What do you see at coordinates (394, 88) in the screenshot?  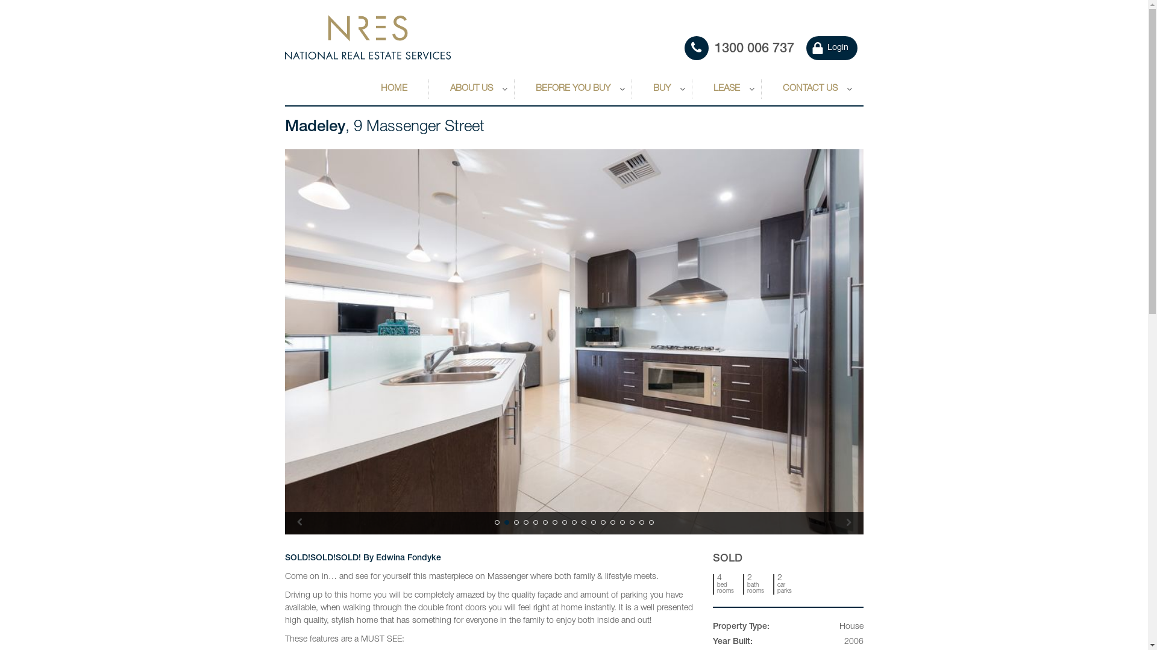 I see `'HOME'` at bounding box center [394, 88].